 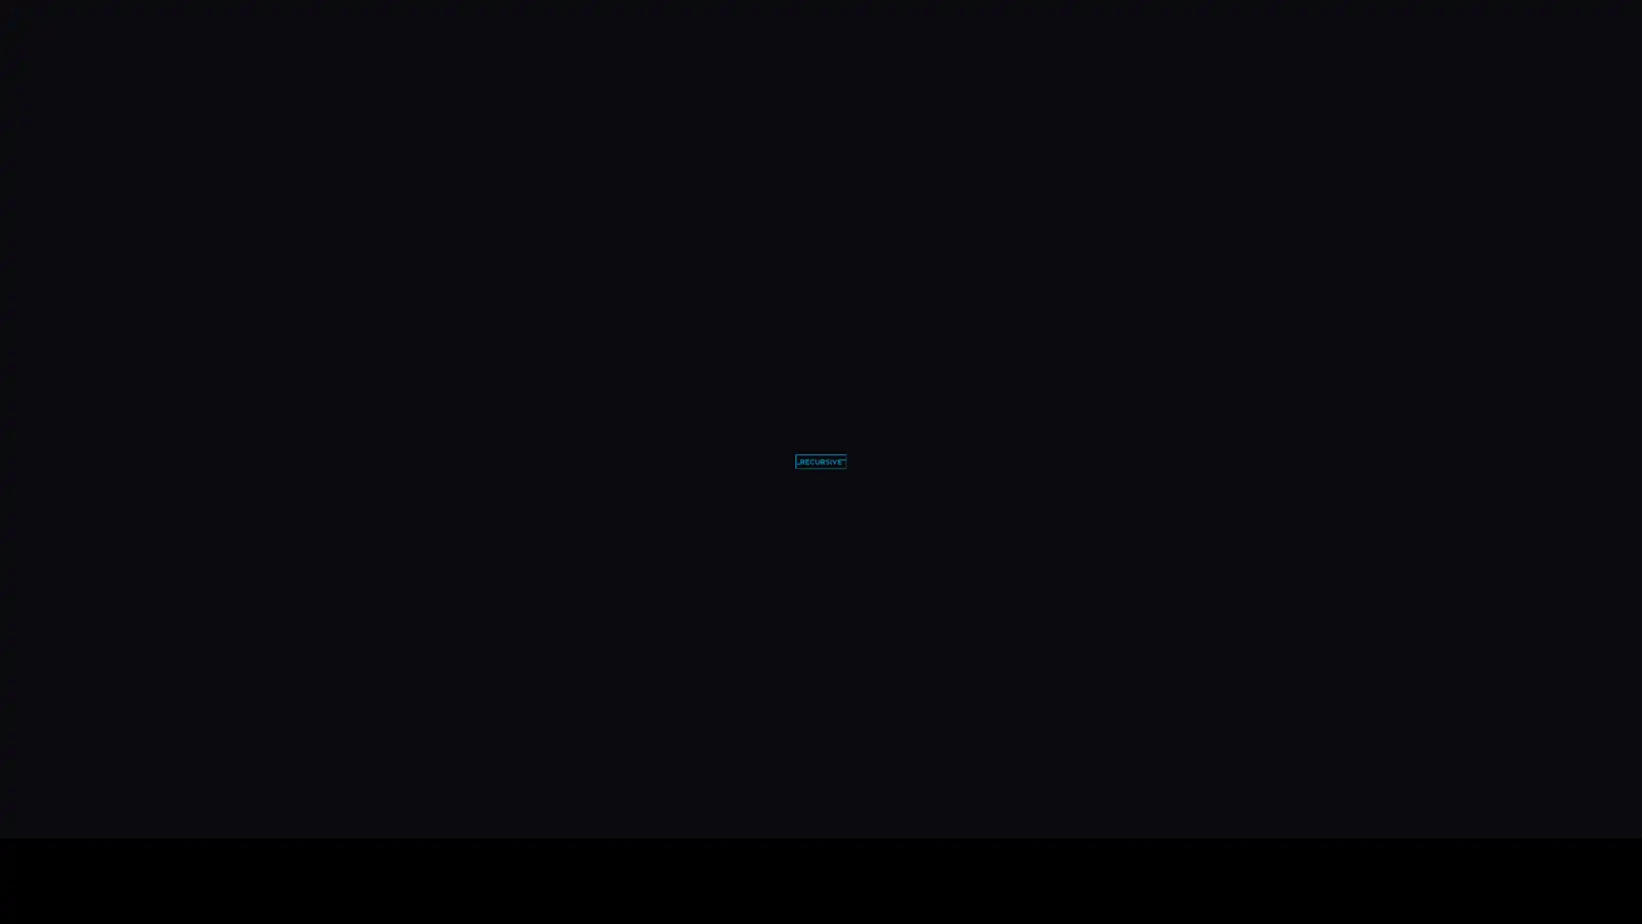 I want to click on enter full screen, so click(x=1546, y=875).